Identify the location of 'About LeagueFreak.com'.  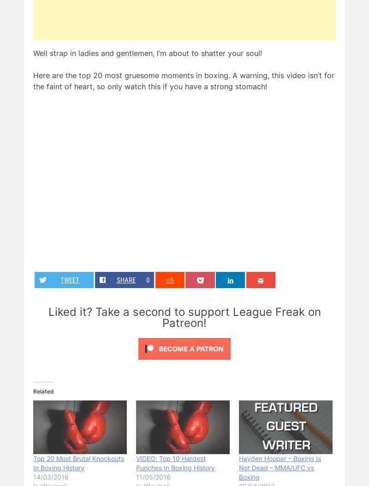
(235, 234).